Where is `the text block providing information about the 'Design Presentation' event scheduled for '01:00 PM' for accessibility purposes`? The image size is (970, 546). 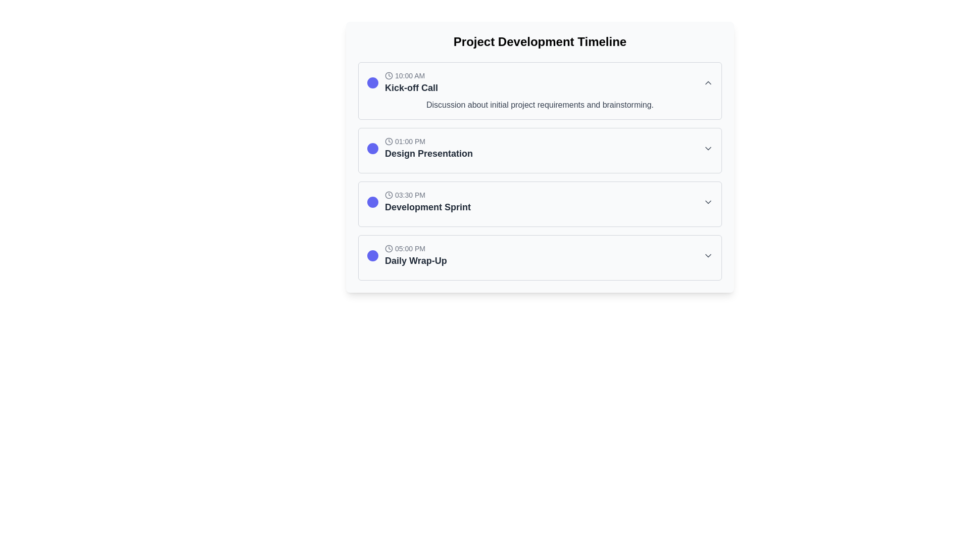 the text block providing information about the 'Design Presentation' event scheduled for '01:00 PM' for accessibility purposes is located at coordinates (429, 148).